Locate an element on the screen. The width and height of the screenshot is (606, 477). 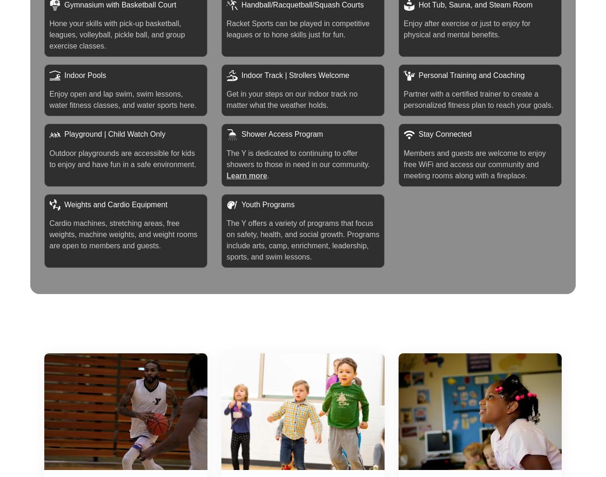
'Handball/Racquetball/Squash Courts' is located at coordinates (302, 4).